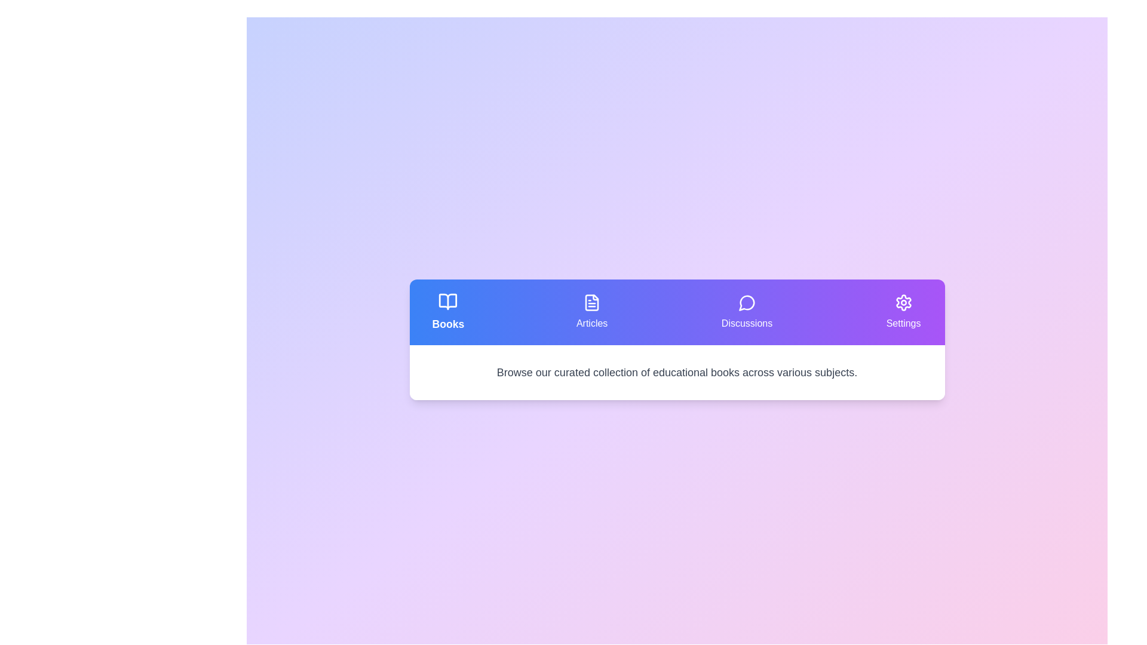  I want to click on the Articles tab, so click(592, 312).